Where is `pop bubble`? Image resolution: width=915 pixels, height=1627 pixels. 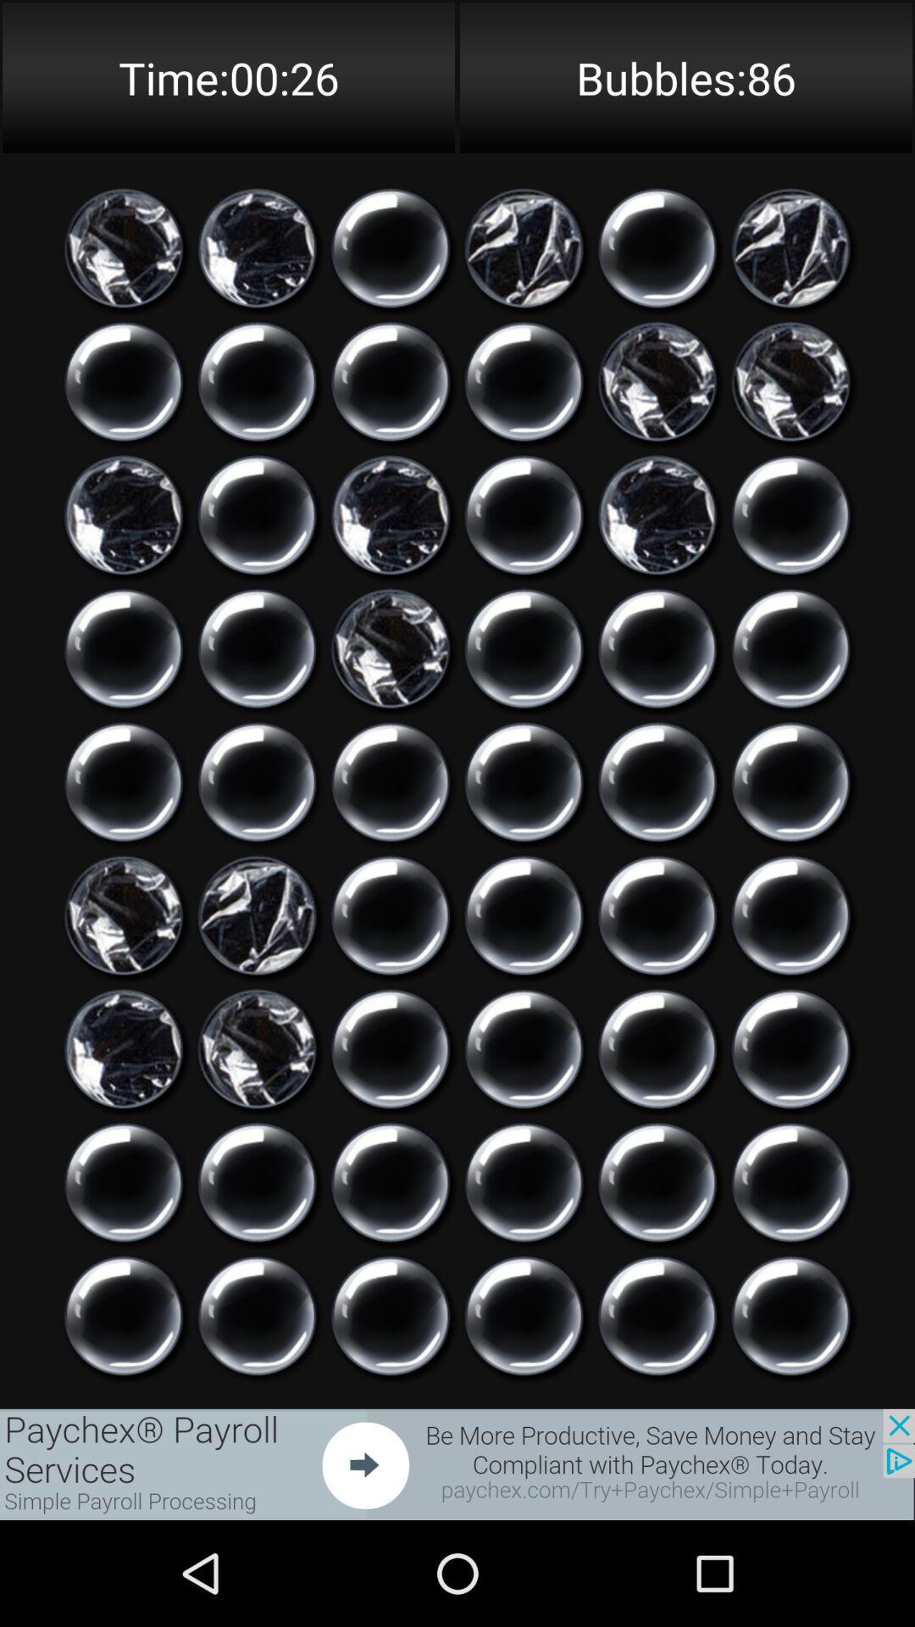
pop bubble is located at coordinates (123, 380).